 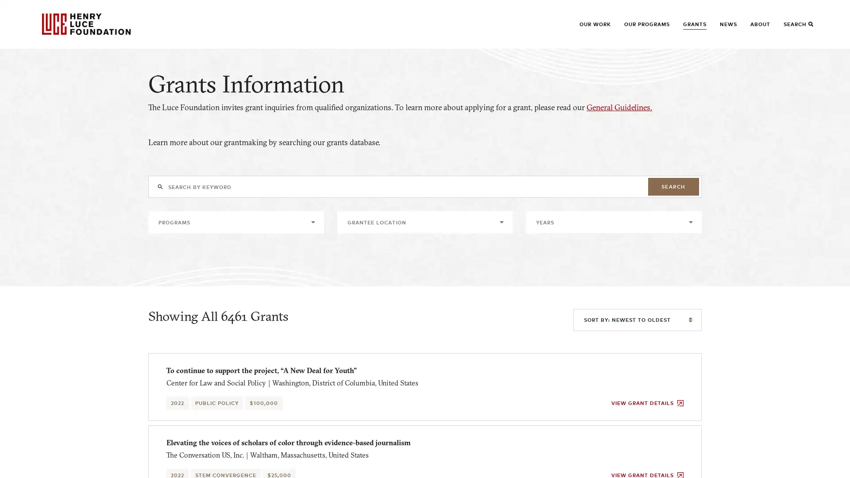 What do you see at coordinates (637, 319) in the screenshot?
I see `SORT BY: NEWEST TO OLDEST` at bounding box center [637, 319].